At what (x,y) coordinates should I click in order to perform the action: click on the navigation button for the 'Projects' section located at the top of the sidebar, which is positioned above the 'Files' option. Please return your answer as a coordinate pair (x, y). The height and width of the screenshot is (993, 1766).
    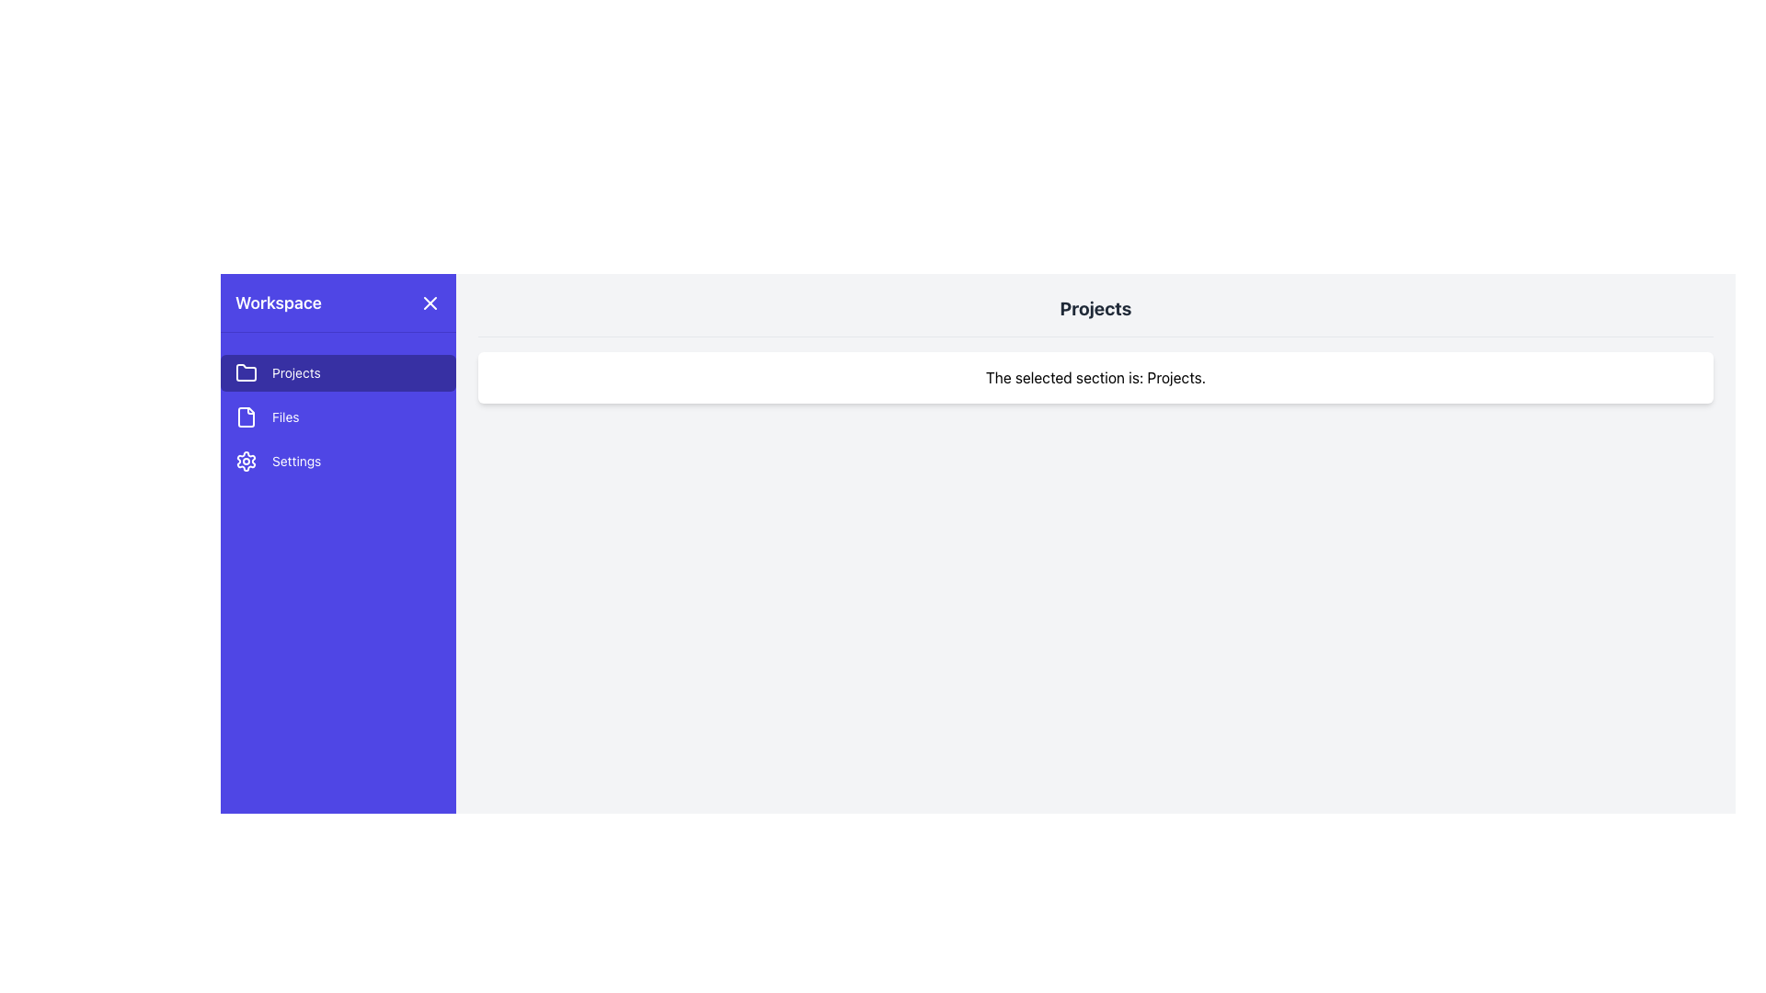
    Looking at the image, I should click on (338, 372).